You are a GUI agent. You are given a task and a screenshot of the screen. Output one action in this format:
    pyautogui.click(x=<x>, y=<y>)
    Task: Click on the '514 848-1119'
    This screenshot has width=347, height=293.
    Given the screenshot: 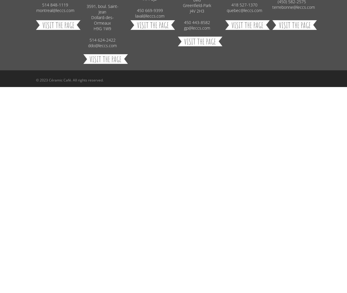 What is the action you would take?
    pyautogui.click(x=55, y=5)
    